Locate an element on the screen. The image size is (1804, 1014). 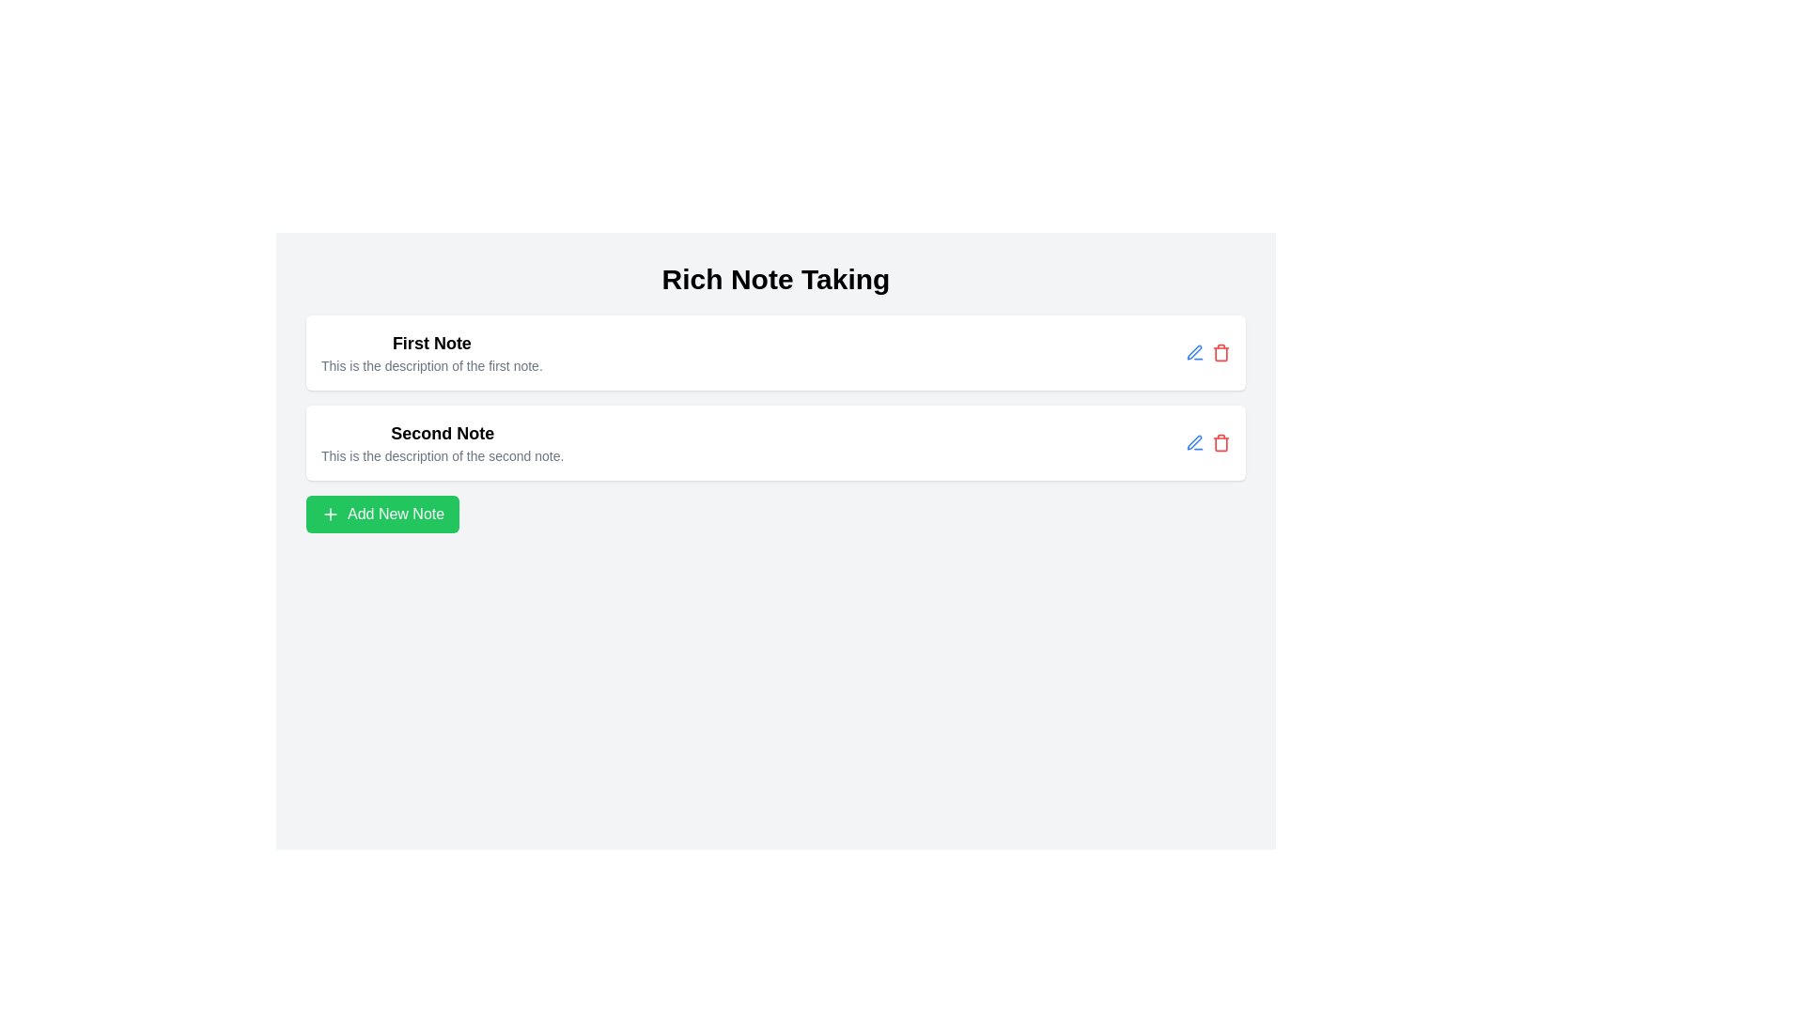
the text block displaying 'This is the description of the first note.' which is styled in a small gray font and located below the title 'First Note' is located at coordinates (430, 365).